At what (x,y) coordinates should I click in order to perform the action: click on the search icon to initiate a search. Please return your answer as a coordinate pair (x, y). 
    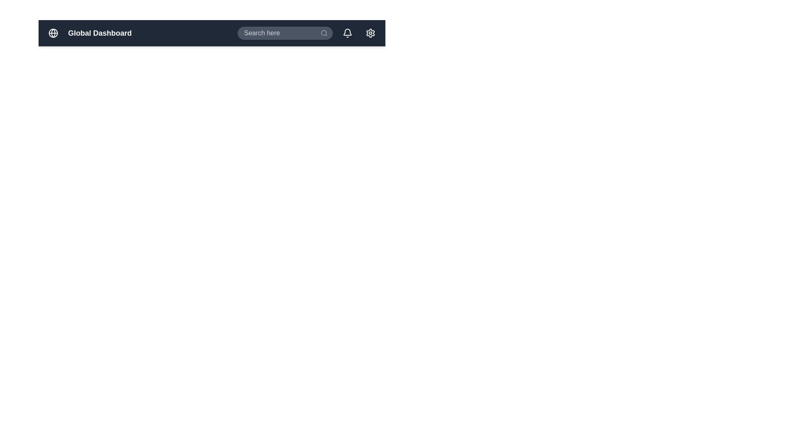
    Looking at the image, I should click on (324, 33).